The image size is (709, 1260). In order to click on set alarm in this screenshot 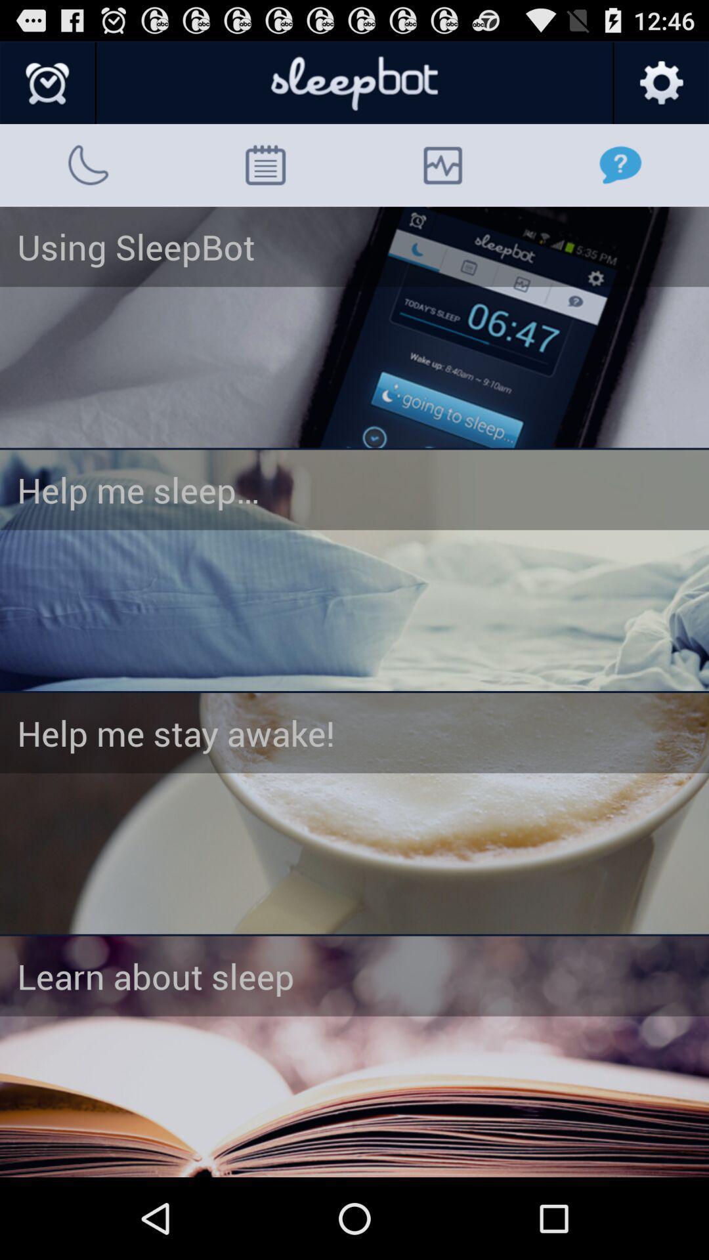, I will do `click(354, 812)`.